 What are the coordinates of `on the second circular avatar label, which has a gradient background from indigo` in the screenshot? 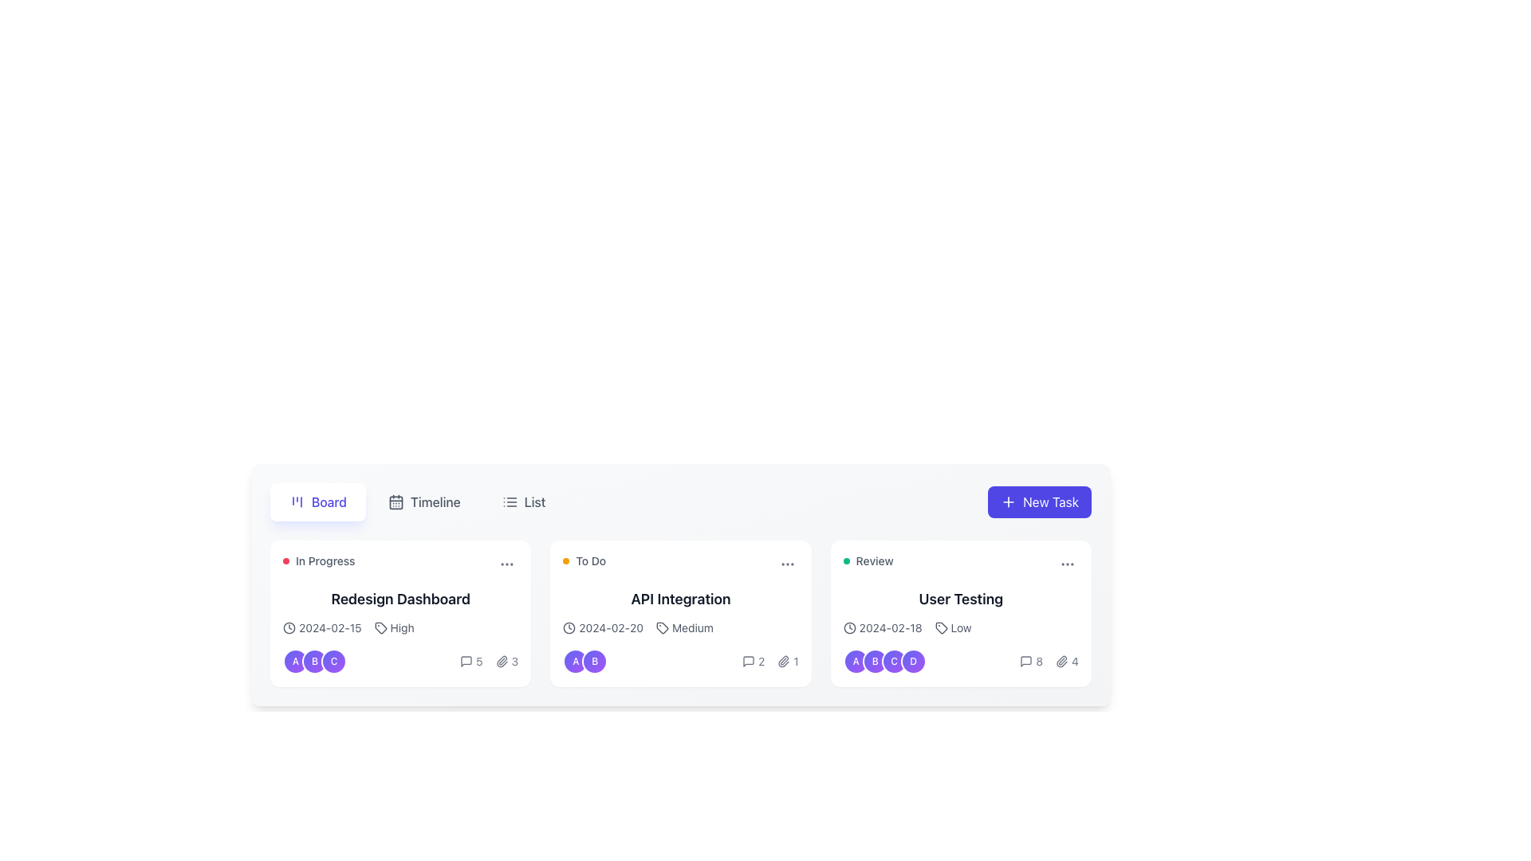 It's located at (874, 661).